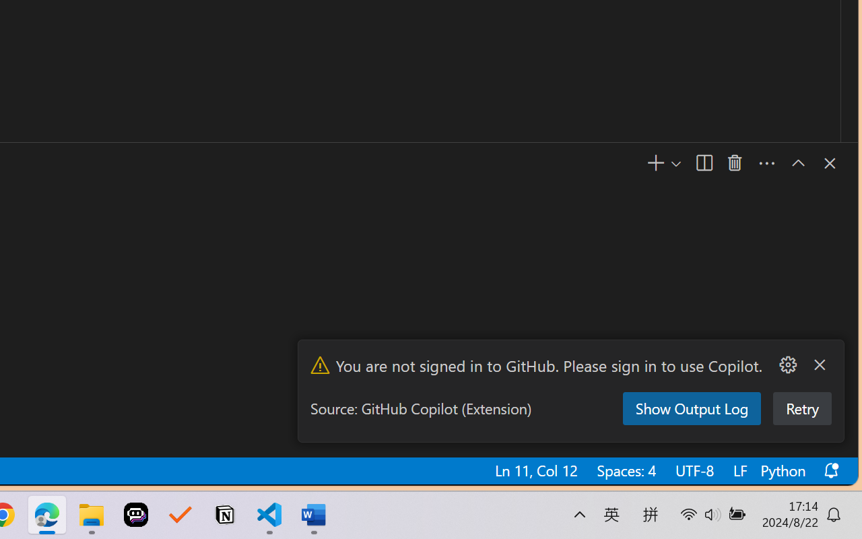  I want to click on 'Spaces: 4', so click(625, 470).